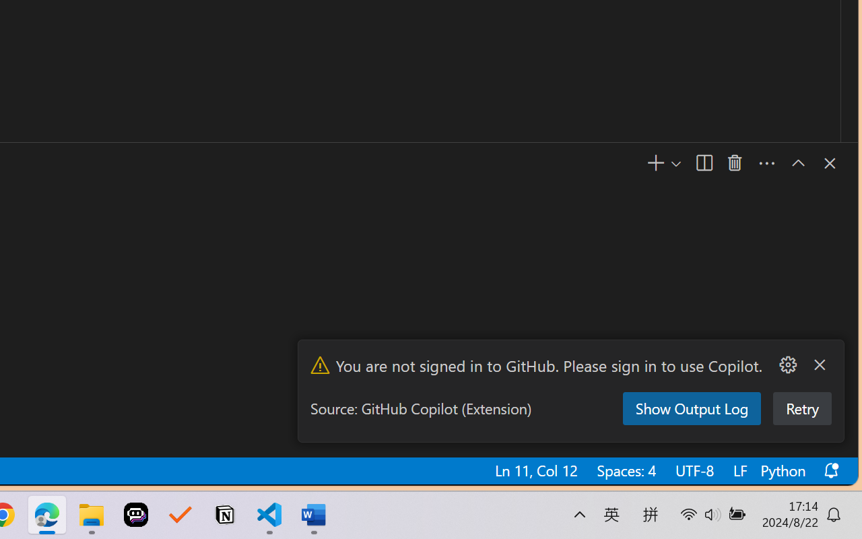  I want to click on 'Spaces: 4', so click(625, 470).